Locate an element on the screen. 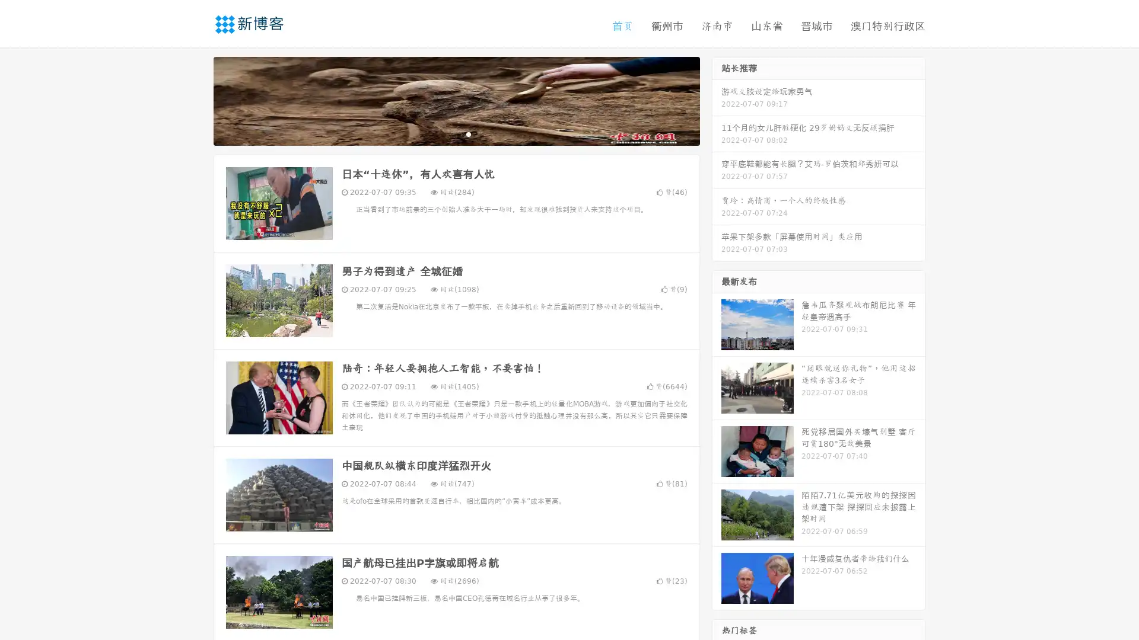 The height and width of the screenshot is (640, 1139). Go to slide 2 is located at coordinates (456, 133).